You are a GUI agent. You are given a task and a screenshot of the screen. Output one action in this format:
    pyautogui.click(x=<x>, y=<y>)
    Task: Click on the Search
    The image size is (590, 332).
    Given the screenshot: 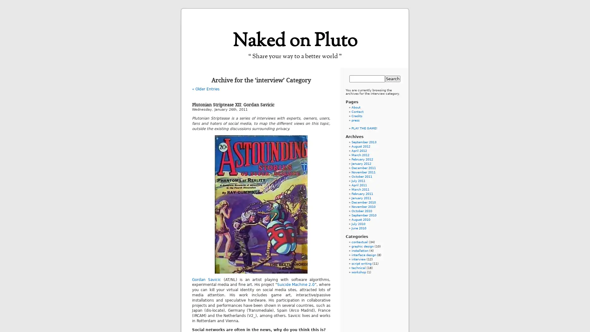 What is the action you would take?
    pyautogui.click(x=392, y=78)
    